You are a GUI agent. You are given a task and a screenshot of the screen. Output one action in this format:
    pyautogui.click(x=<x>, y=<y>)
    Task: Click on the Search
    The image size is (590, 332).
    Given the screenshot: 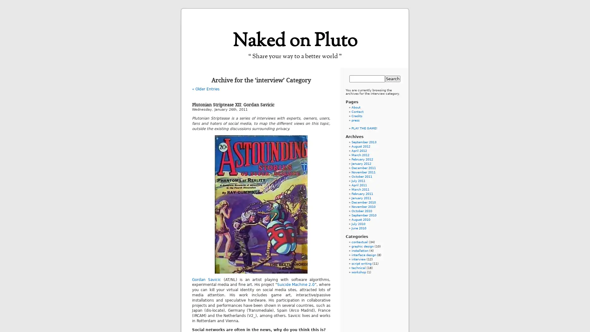 What is the action you would take?
    pyautogui.click(x=392, y=78)
    